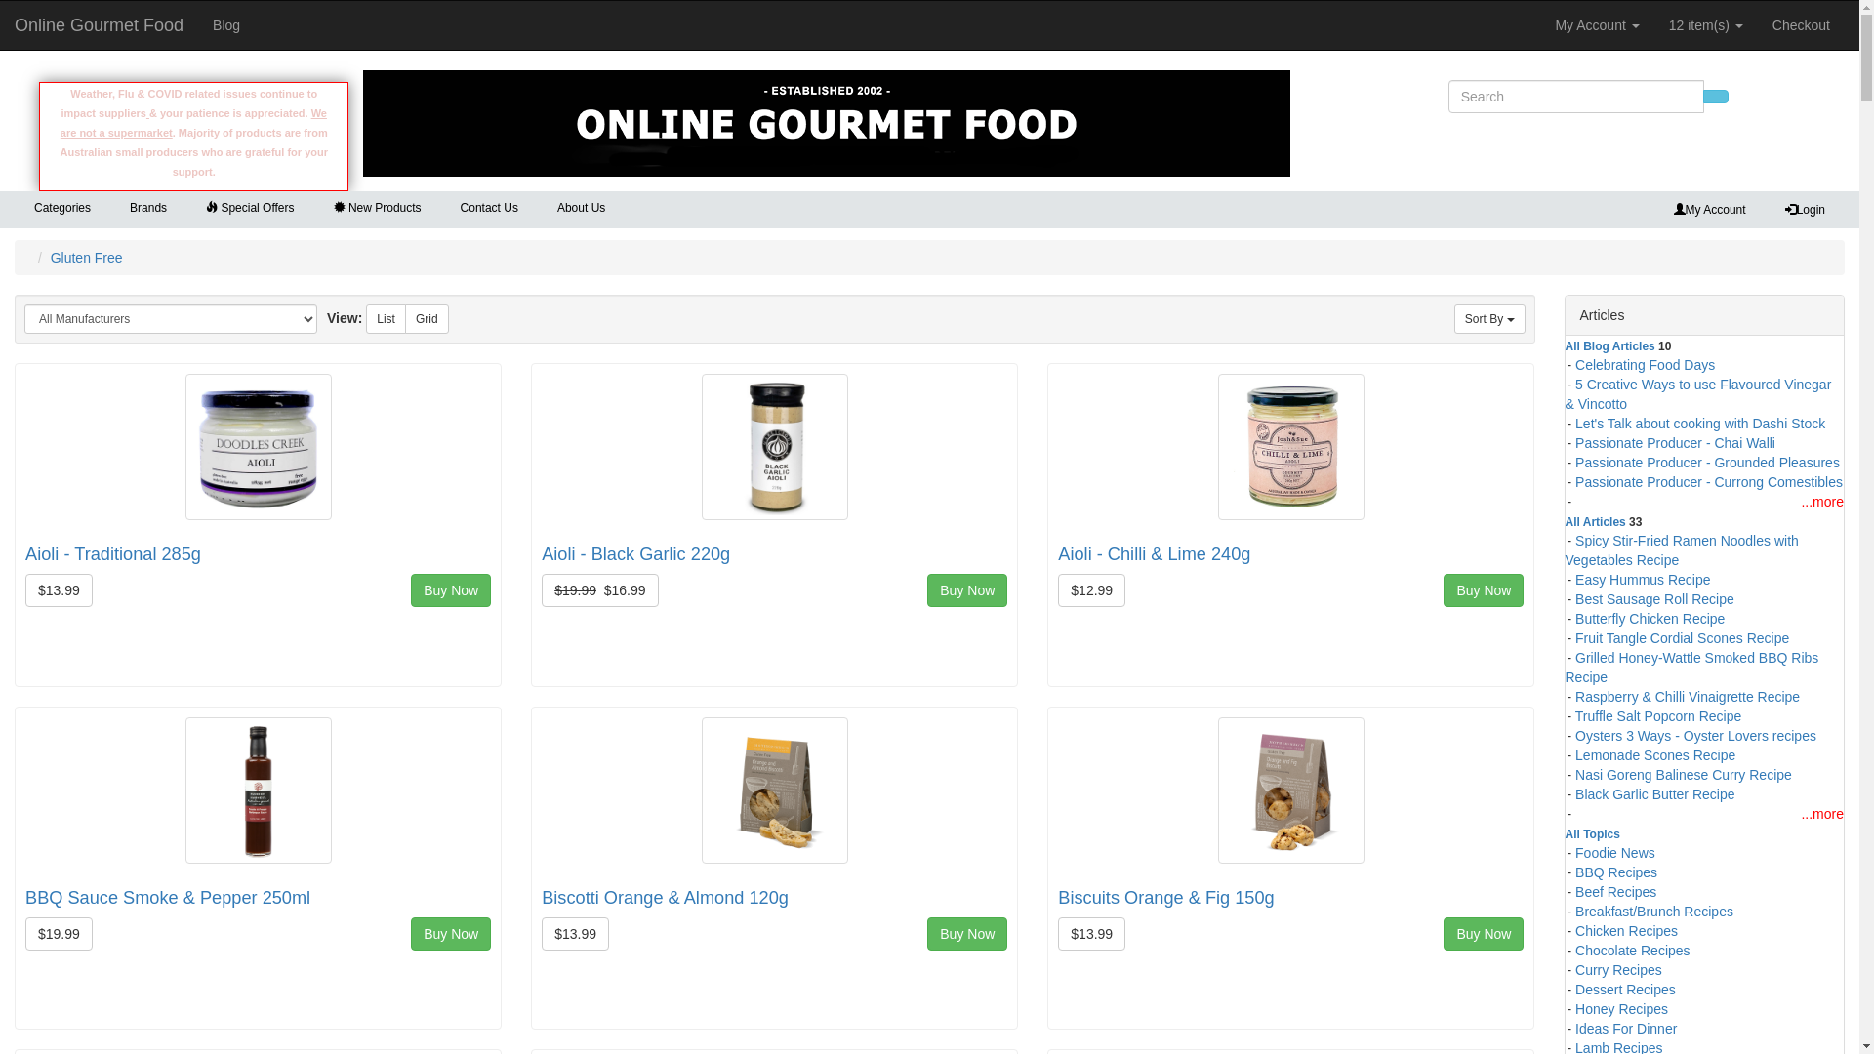 The width and height of the screenshot is (1874, 1054). I want to click on 'Online Gourmet Food', so click(98, 25).